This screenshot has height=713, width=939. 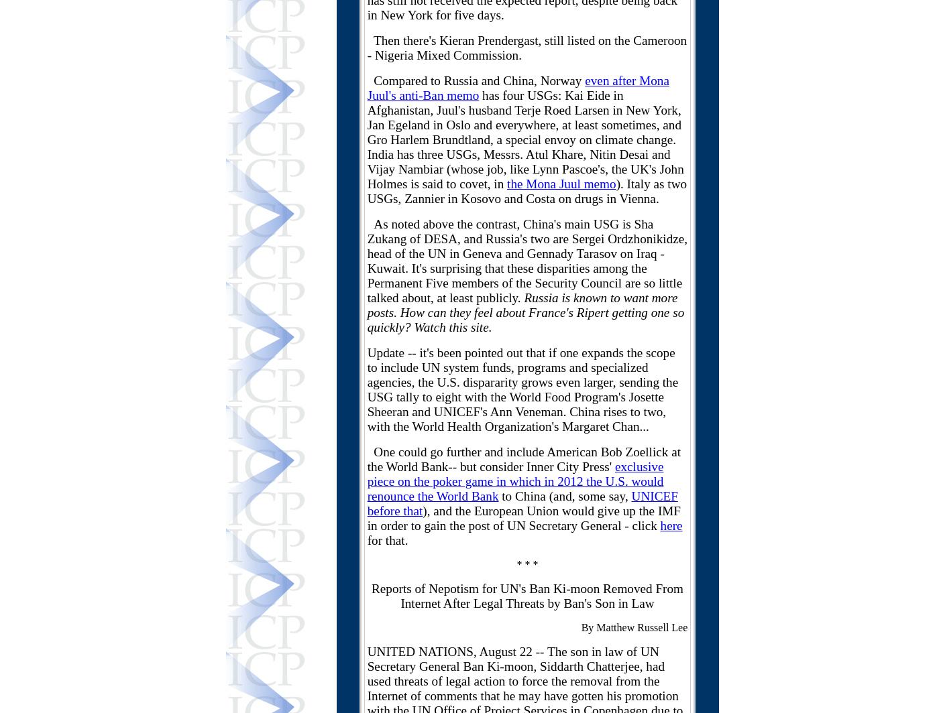 What do you see at coordinates (527, 261) in the screenshot?
I see `'As
noted above the contrast, China's main USG is Sha Zukang of DESA, and
Russia's two are Sergei Ordzhonikidze, head of the UN in Geneva and
Gennady Tarasov on Iraq - Kuwait. It's surprising that these
disparities among the Permanent Five members of the Security Council
are so little talked about, at least publicly.'` at bounding box center [527, 261].